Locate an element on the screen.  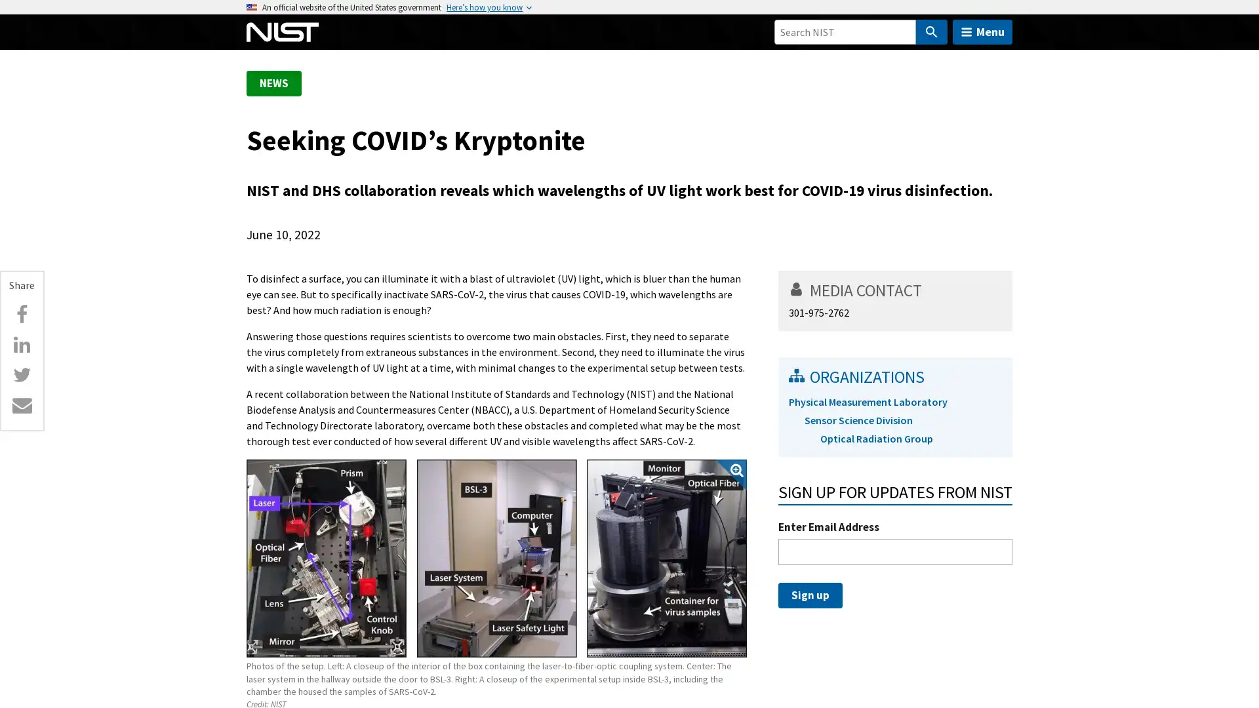
Menu is located at coordinates (982, 31).